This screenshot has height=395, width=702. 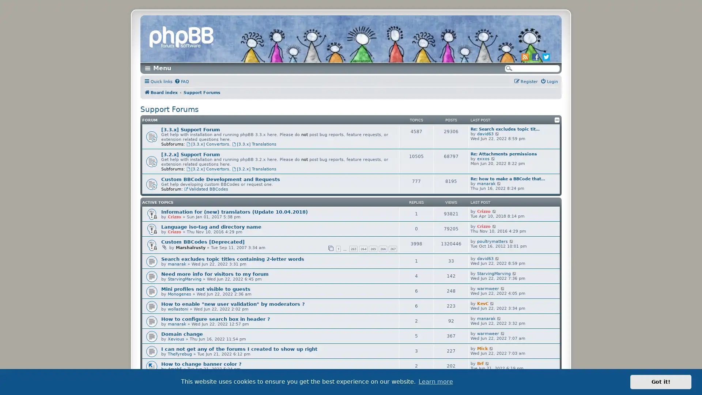 I want to click on dismiss cookie message, so click(x=661, y=381).